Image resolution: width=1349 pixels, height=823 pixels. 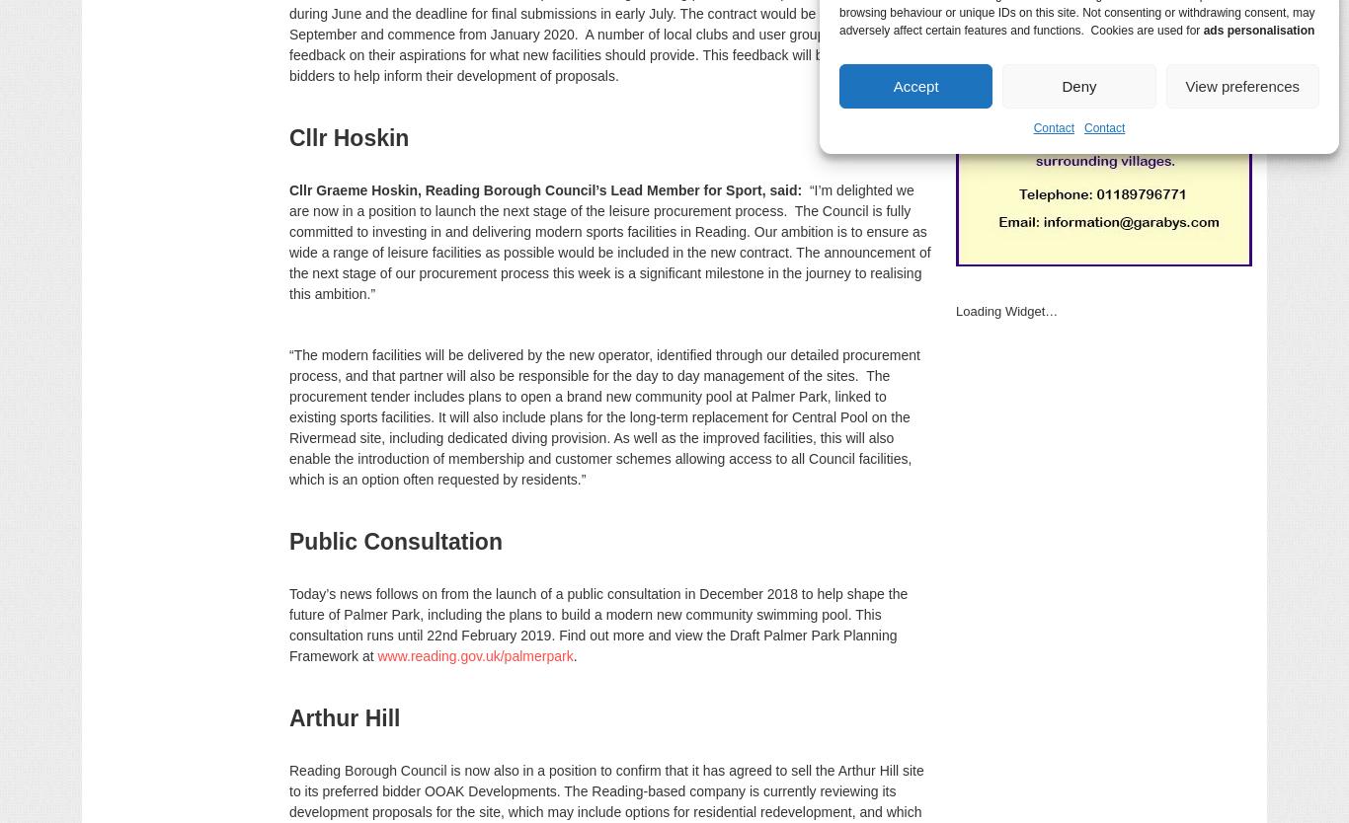 I want to click on 'Cllr Graeme Hoskin, Reading Borough Council’s Lead Member for Sport, said:', so click(x=548, y=189).